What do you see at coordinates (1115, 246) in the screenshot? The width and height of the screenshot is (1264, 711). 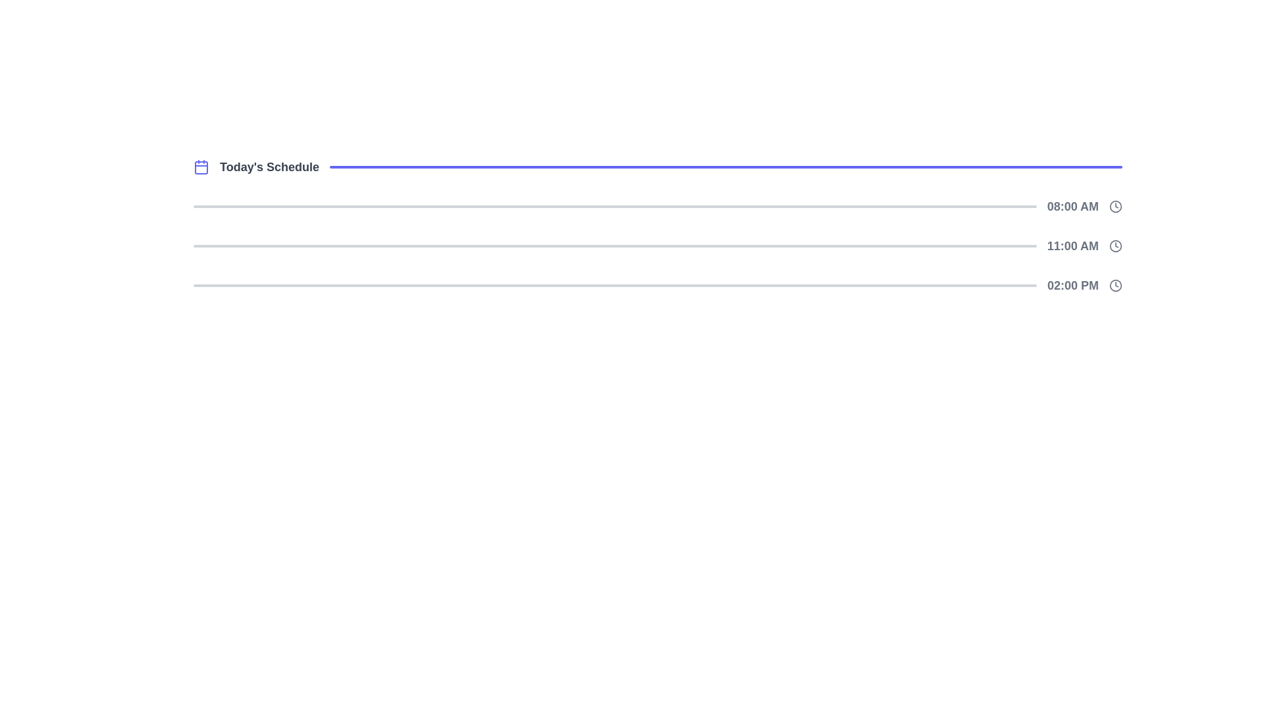 I see `the clock icon located at the far right of the row corresponding to '11:00 AM'` at bounding box center [1115, 246].